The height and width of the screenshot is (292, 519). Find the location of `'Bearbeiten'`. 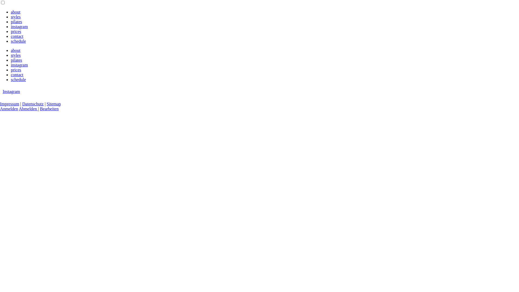

'Bearbeiten' is located at coordinates (49, 109).